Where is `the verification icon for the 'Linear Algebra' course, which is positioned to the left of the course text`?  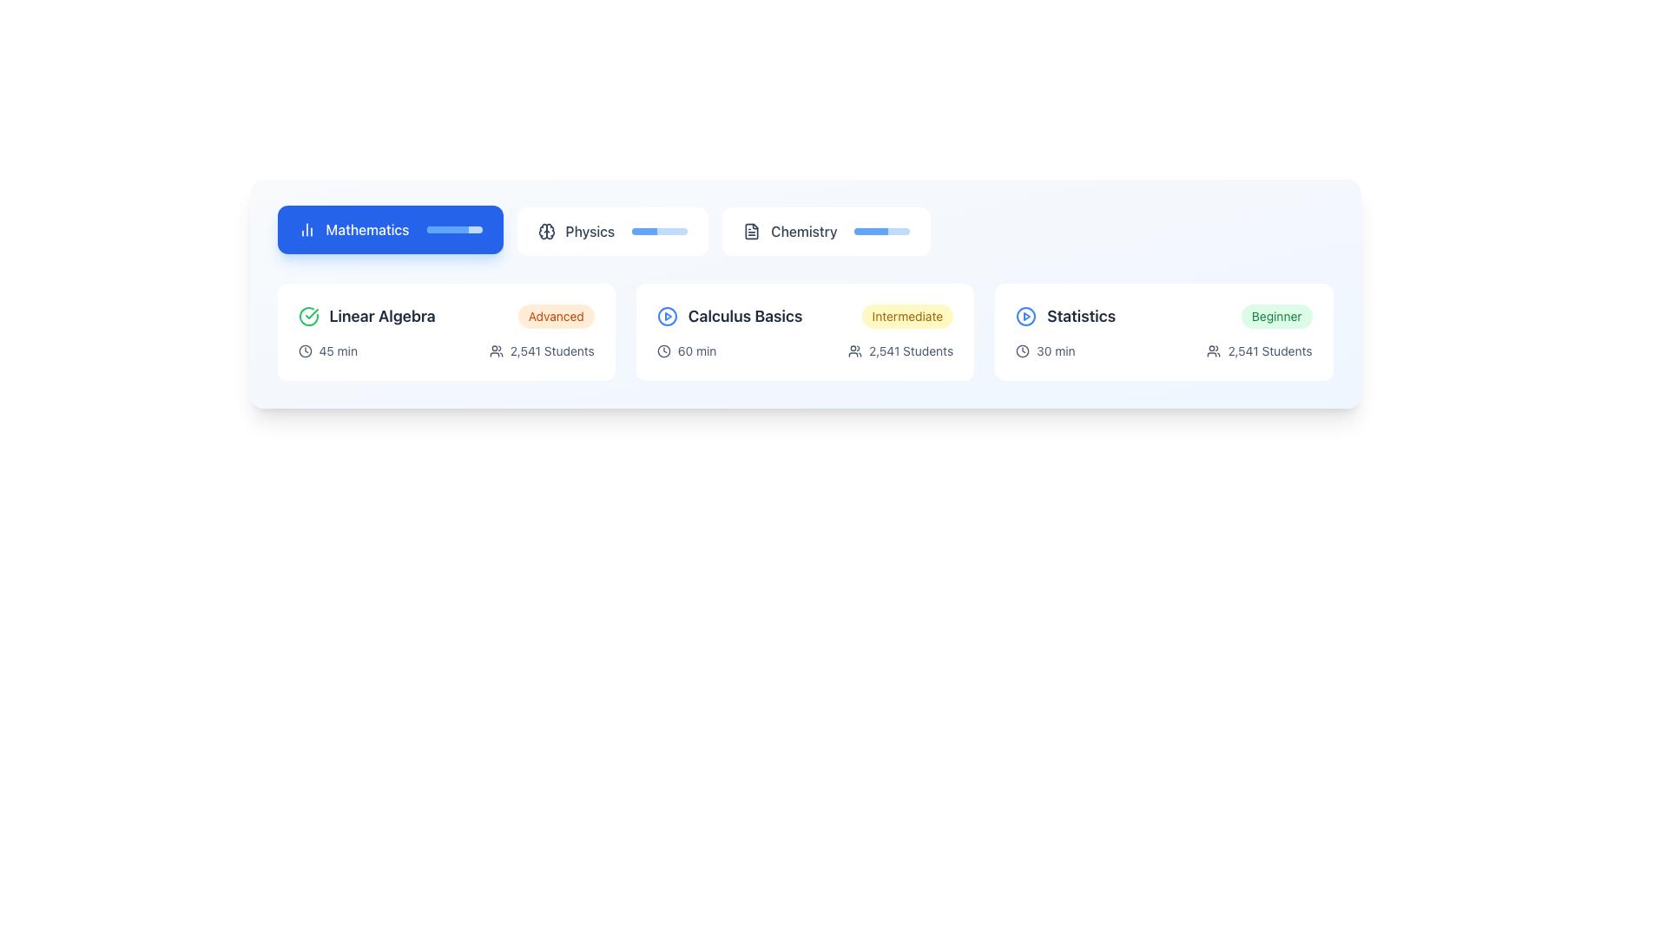
the verification icon for the 'Linear Algebra' course, which is positioned to the left of the course text is located at coordinates (308, 317).